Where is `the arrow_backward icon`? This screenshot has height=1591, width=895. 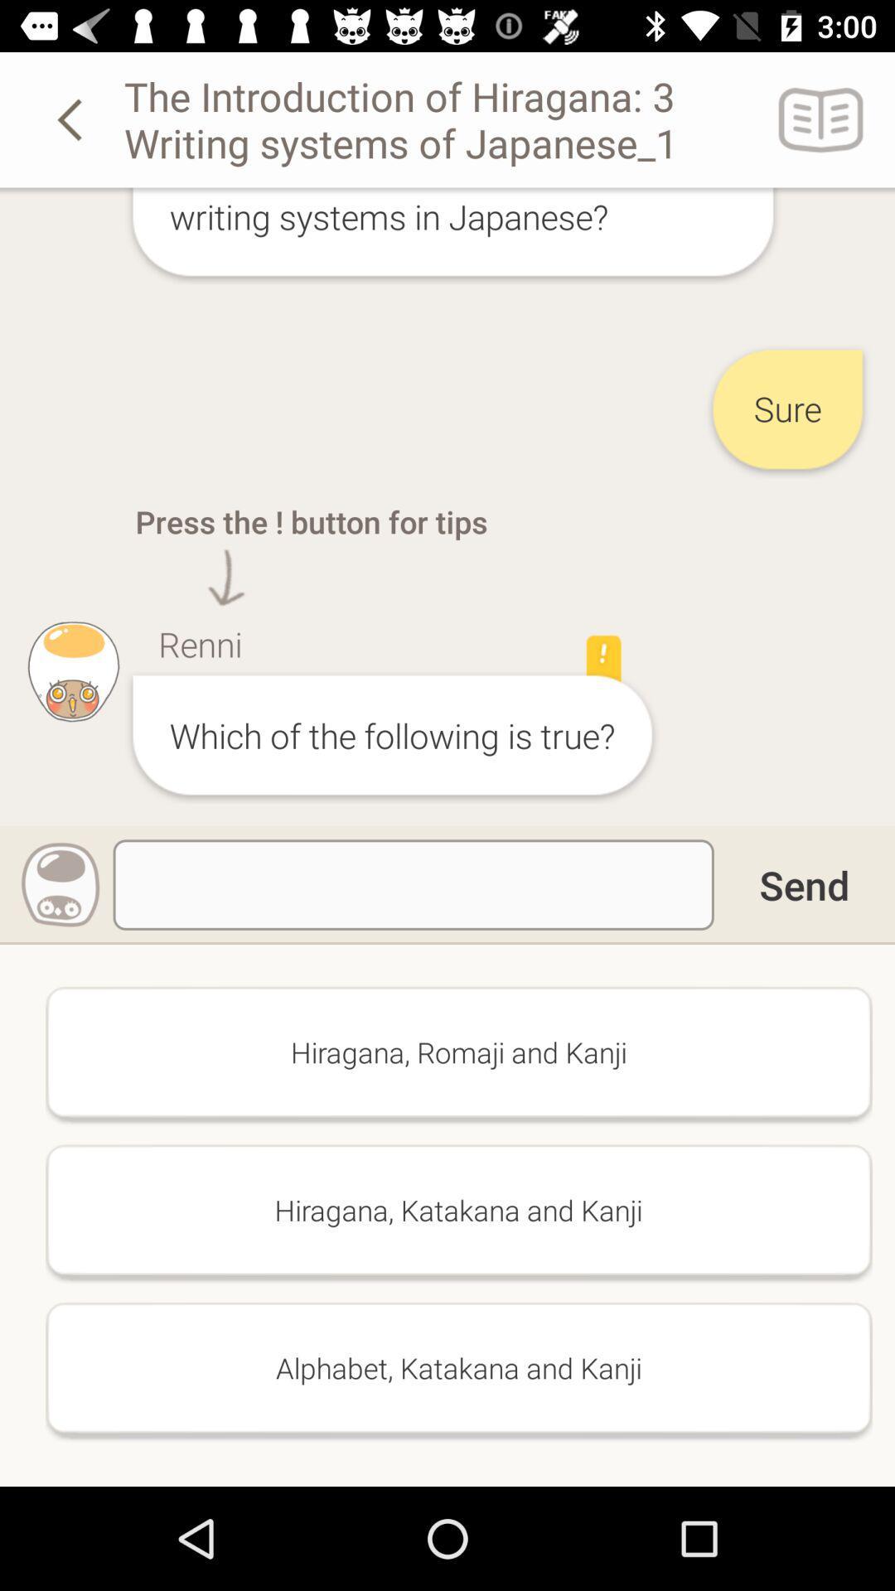
the arrow_backward icon is located at coordinates (72, 118).